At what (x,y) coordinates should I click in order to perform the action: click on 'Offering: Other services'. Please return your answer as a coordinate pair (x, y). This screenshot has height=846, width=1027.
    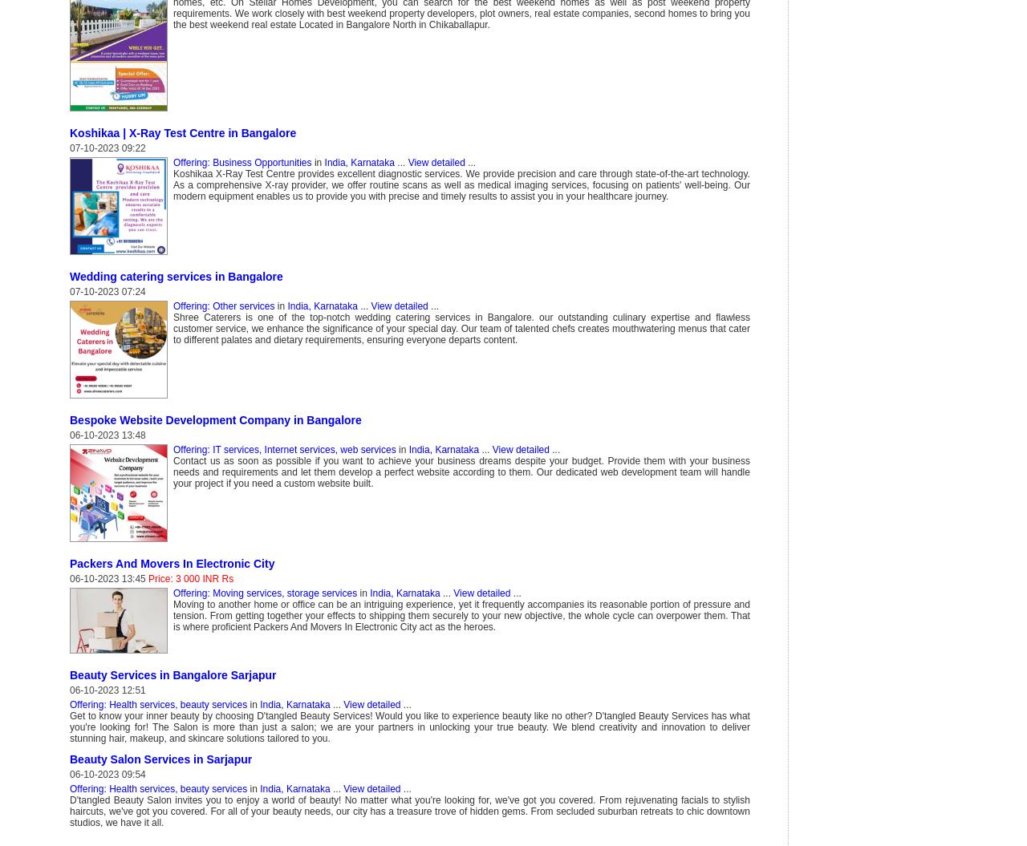
    Looking at the image, I should click on (223, 306).